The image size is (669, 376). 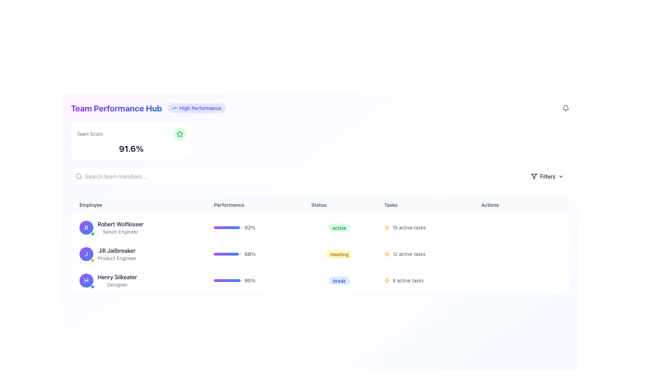 I want to click on the numeric indicator text label displaying the performance metric percentage, located at the right edge of the progress bar in the 'Performance' column of the third row in the table, so click(x=250, y=280).